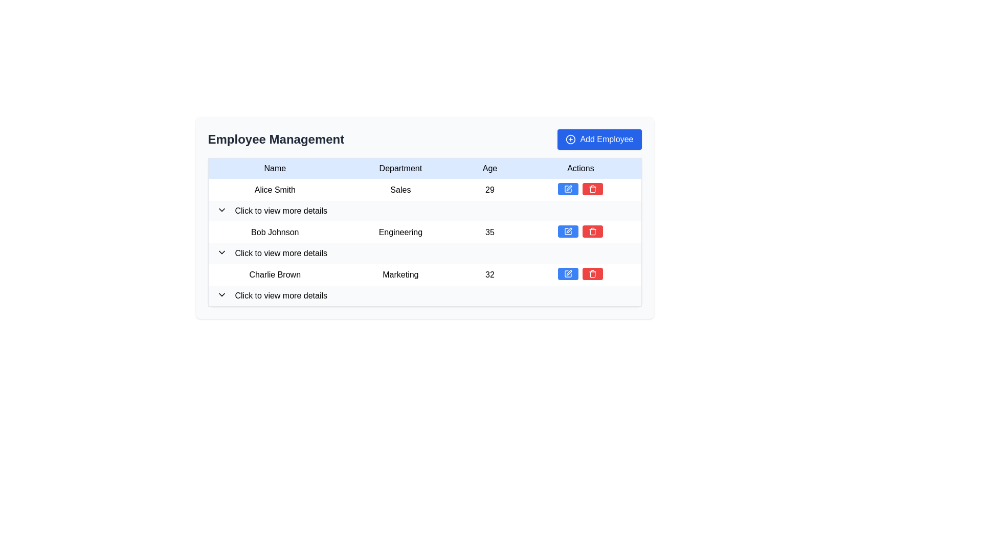  What do you see at coordinates (570, 140) in the screenshot?
I see `the circular icon with a plus sign inside, which is located within the 'Add Employee' button at the top-right corner of the interface` at bounding box center [570, 140].